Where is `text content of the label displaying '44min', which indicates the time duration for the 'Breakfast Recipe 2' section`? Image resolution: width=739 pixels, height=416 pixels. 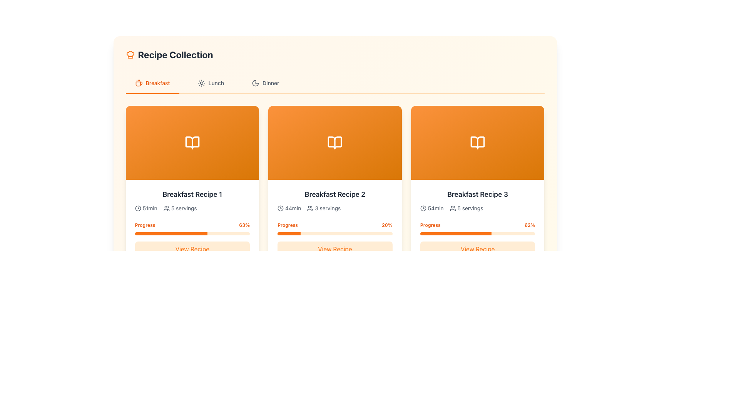 text content of the label displaying '44min', which indicates the time duration for the 'Breakfast Recipe 2' section is located at coordinates (293, 208).